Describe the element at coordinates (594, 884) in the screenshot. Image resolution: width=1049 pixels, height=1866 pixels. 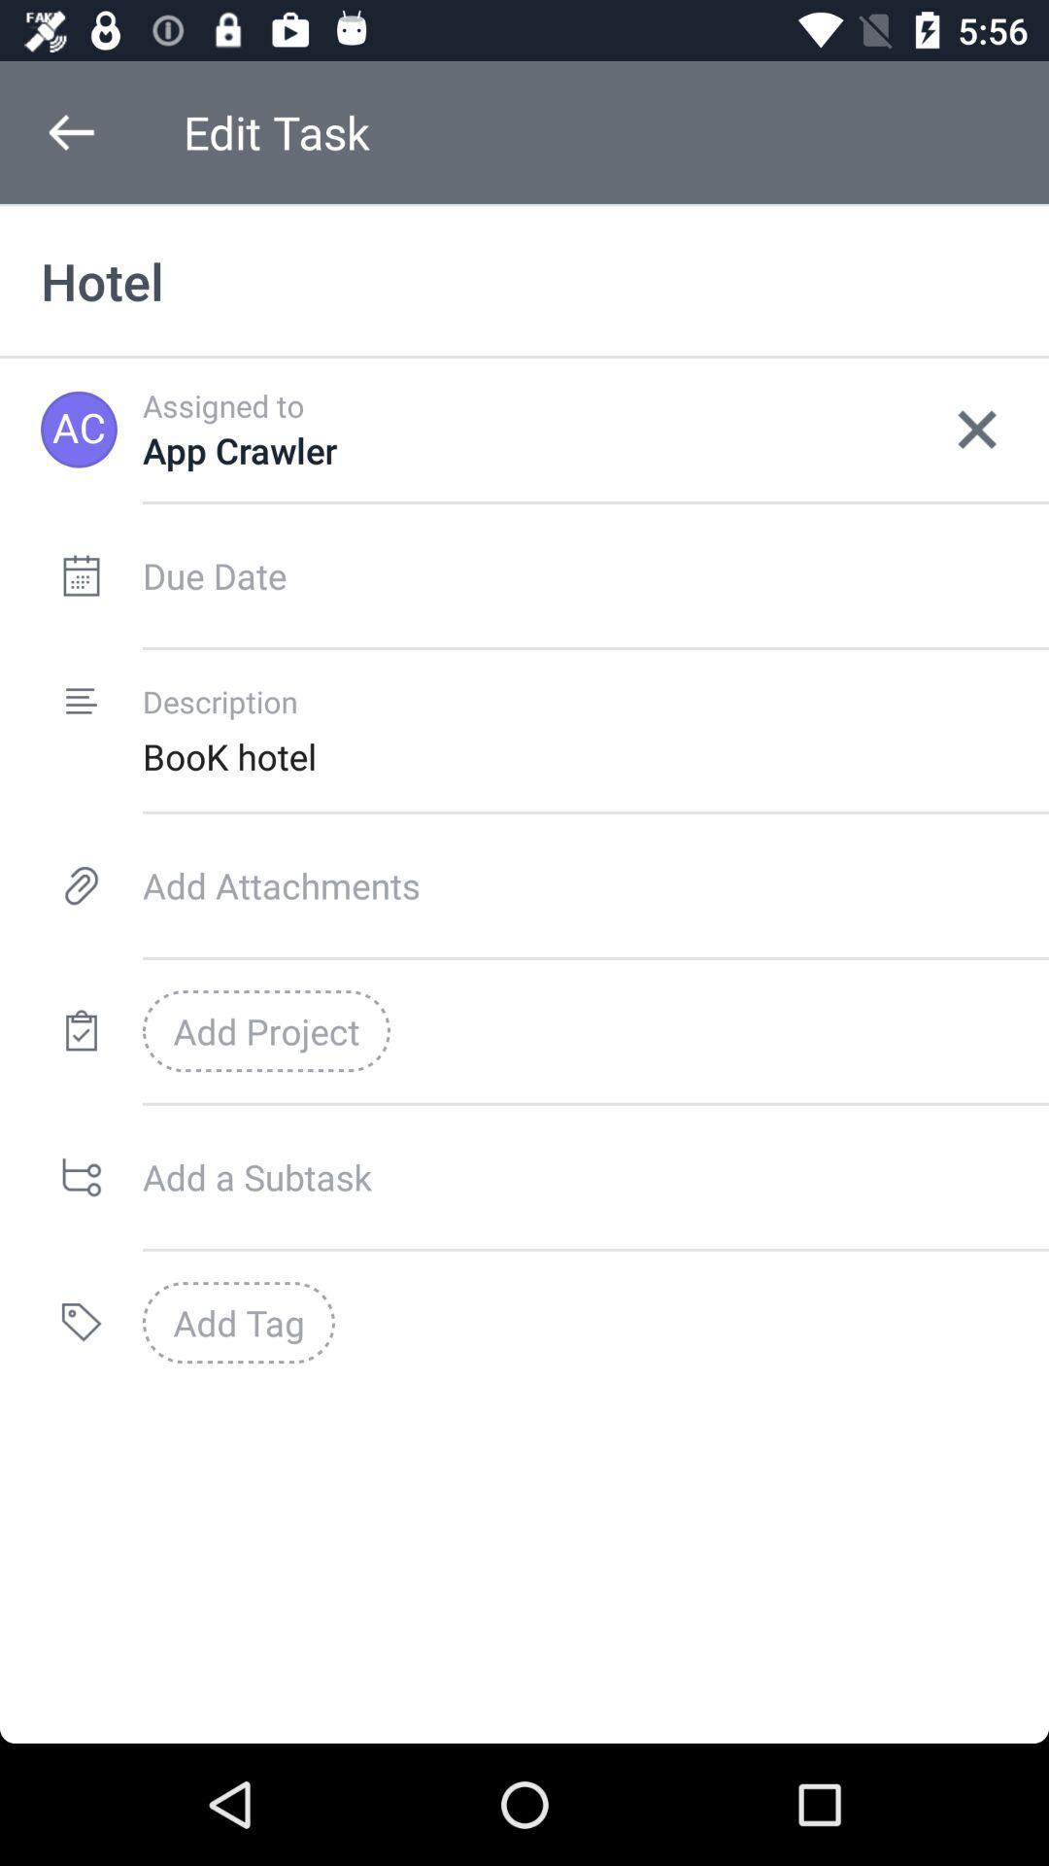
I see `attach documents` at that location.